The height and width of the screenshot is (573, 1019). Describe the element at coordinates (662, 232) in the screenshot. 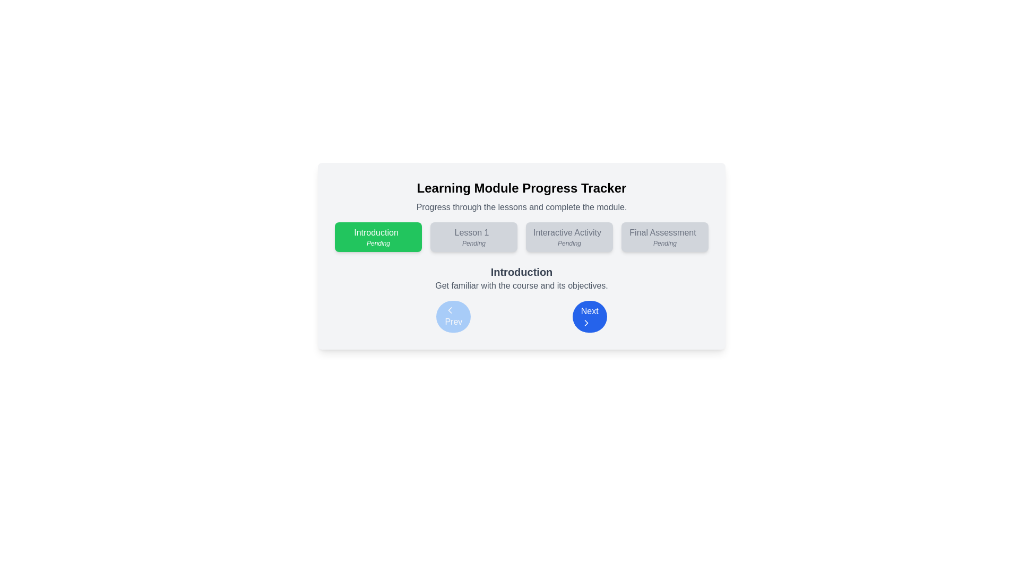

I see `the text label 'Final Assessment' displayed in the progress tracker located at the top-right of the interface` at that location.